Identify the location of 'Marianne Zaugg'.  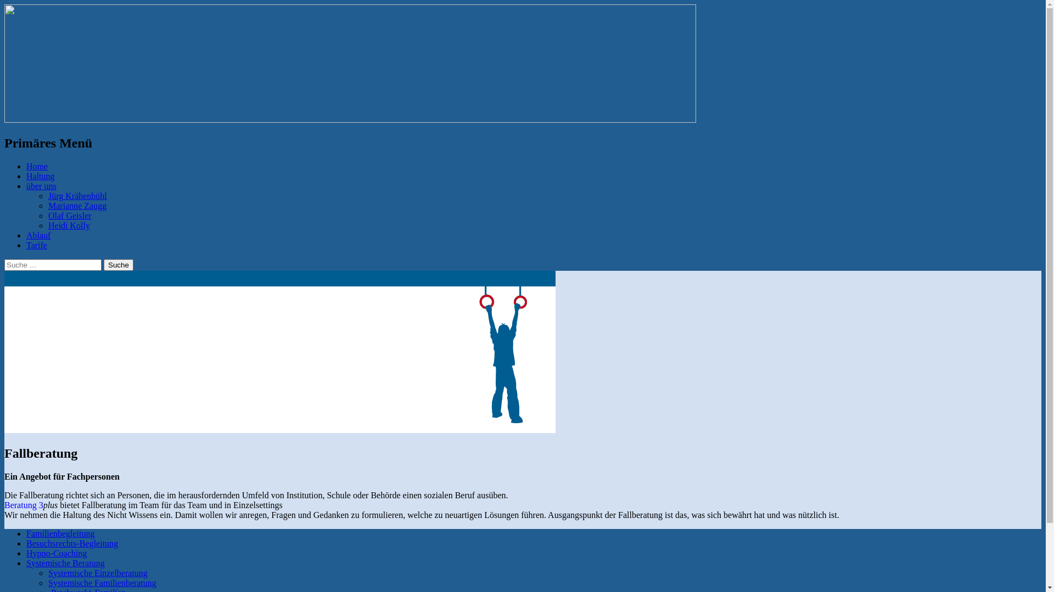
(47, 206).